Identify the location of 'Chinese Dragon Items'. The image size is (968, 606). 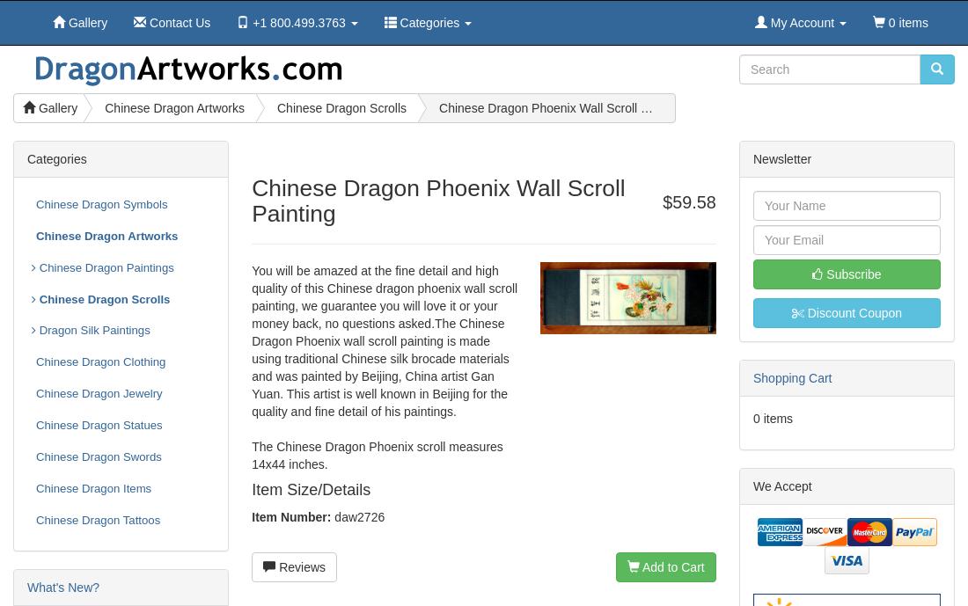
(35, 486).